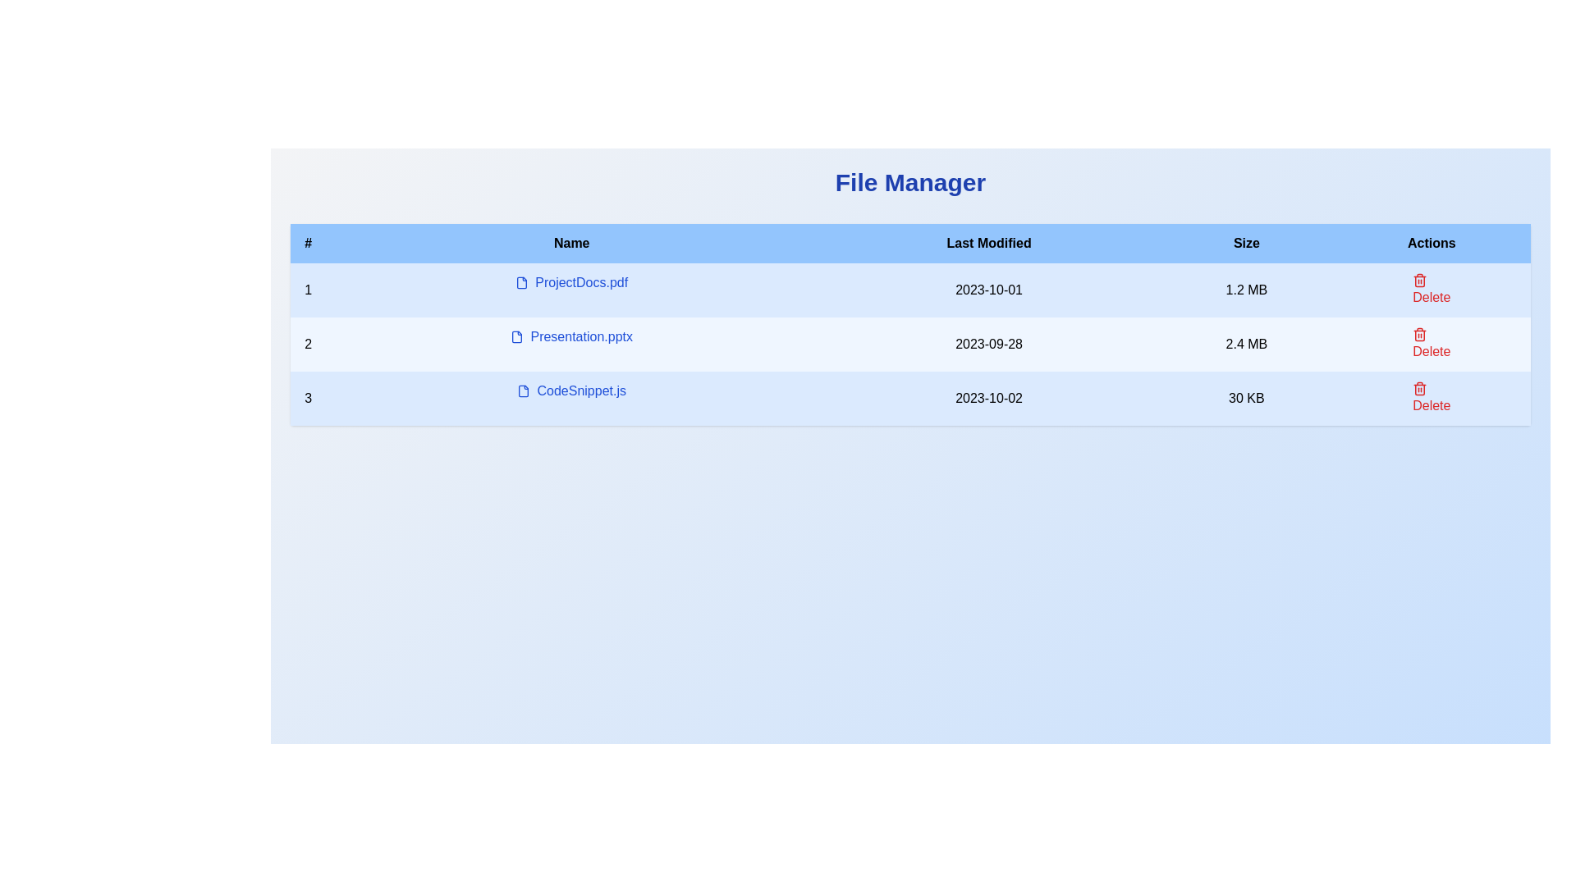  I want to click on the text label displaying the filename 'CodeSnippet.js' in the file manager table, which is styled with a blue font color and located in the third row under the 'Name' column, so click(571, 391).